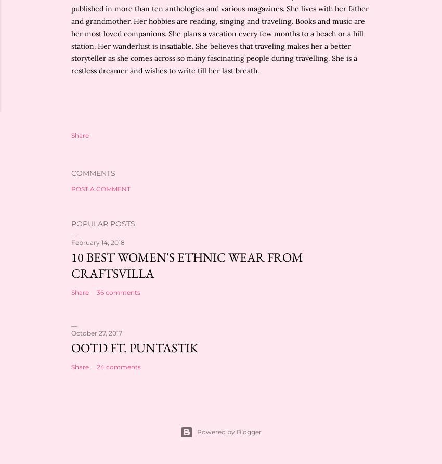  What do you see at coordinates (97, 242) in the screenshot?
I see `'February 14, 2018'` at bounding box center [97, 242].